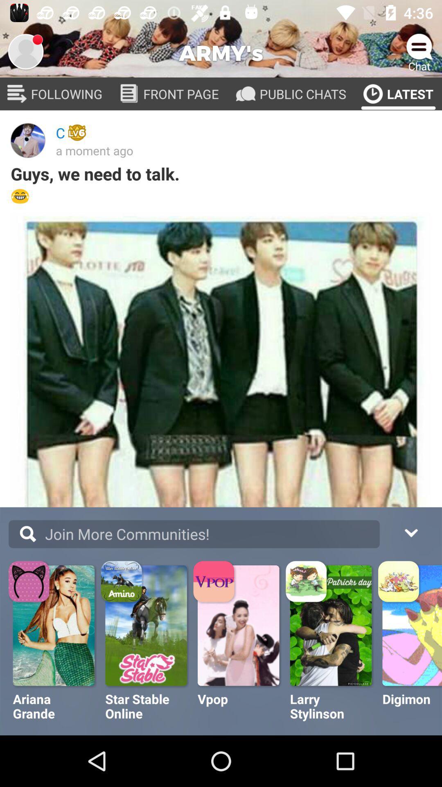  What do you see at coordinates (410, 532) in the screenshot?
I see `the expand_more icon` at bounding box center [410, 532].